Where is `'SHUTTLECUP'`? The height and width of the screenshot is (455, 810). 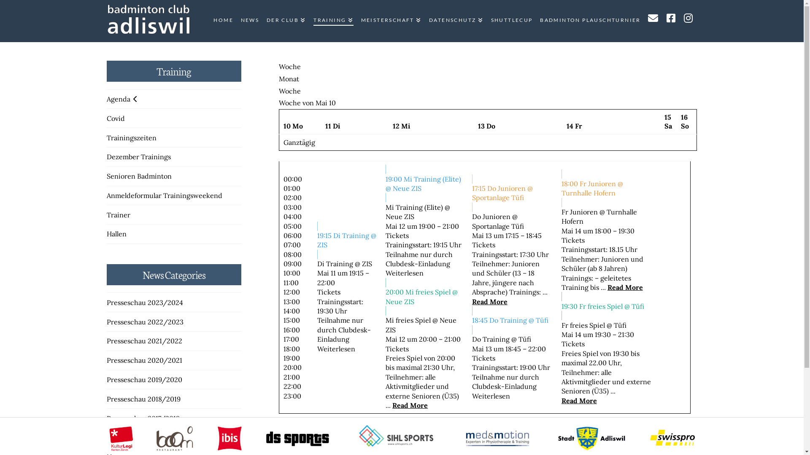 'SHUTTLECUP' is located at coordinates (511, 21).